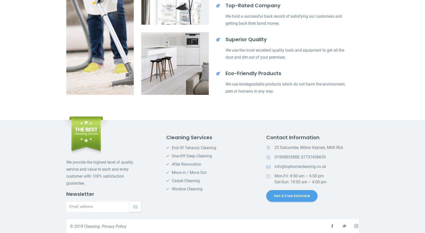 This screenshot has width=425, height=233. I want to click on '07737438655', so click(300, 157).